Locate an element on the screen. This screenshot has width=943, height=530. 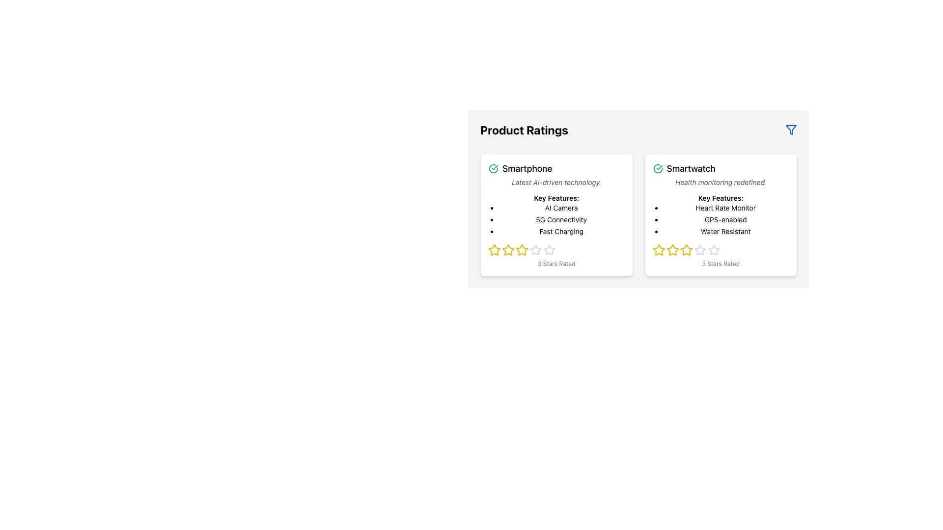
the text label displaying '3 Stars Rated' located below the star icons for the product 'Smartphone' is located at coordinates (556, 263).